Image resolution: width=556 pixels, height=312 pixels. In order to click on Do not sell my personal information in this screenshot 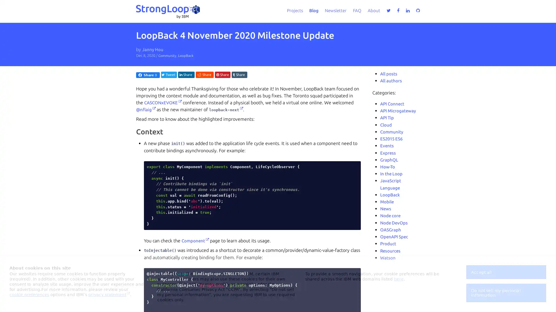, I will do `click(509, 293)`.